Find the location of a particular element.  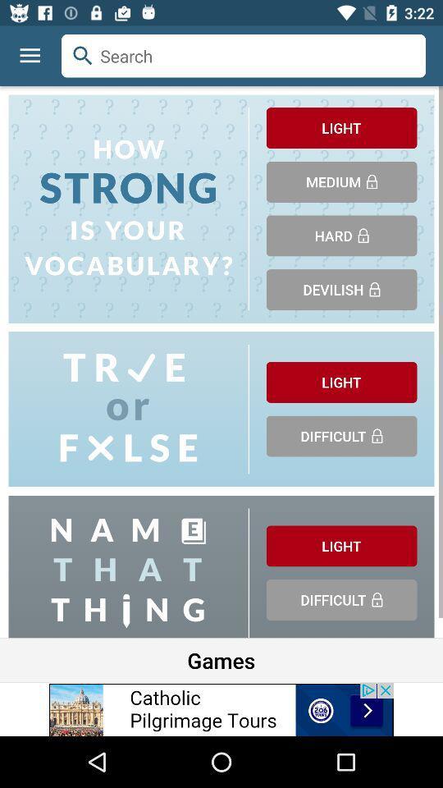

advertisements image is located at coordinates (221, 708).